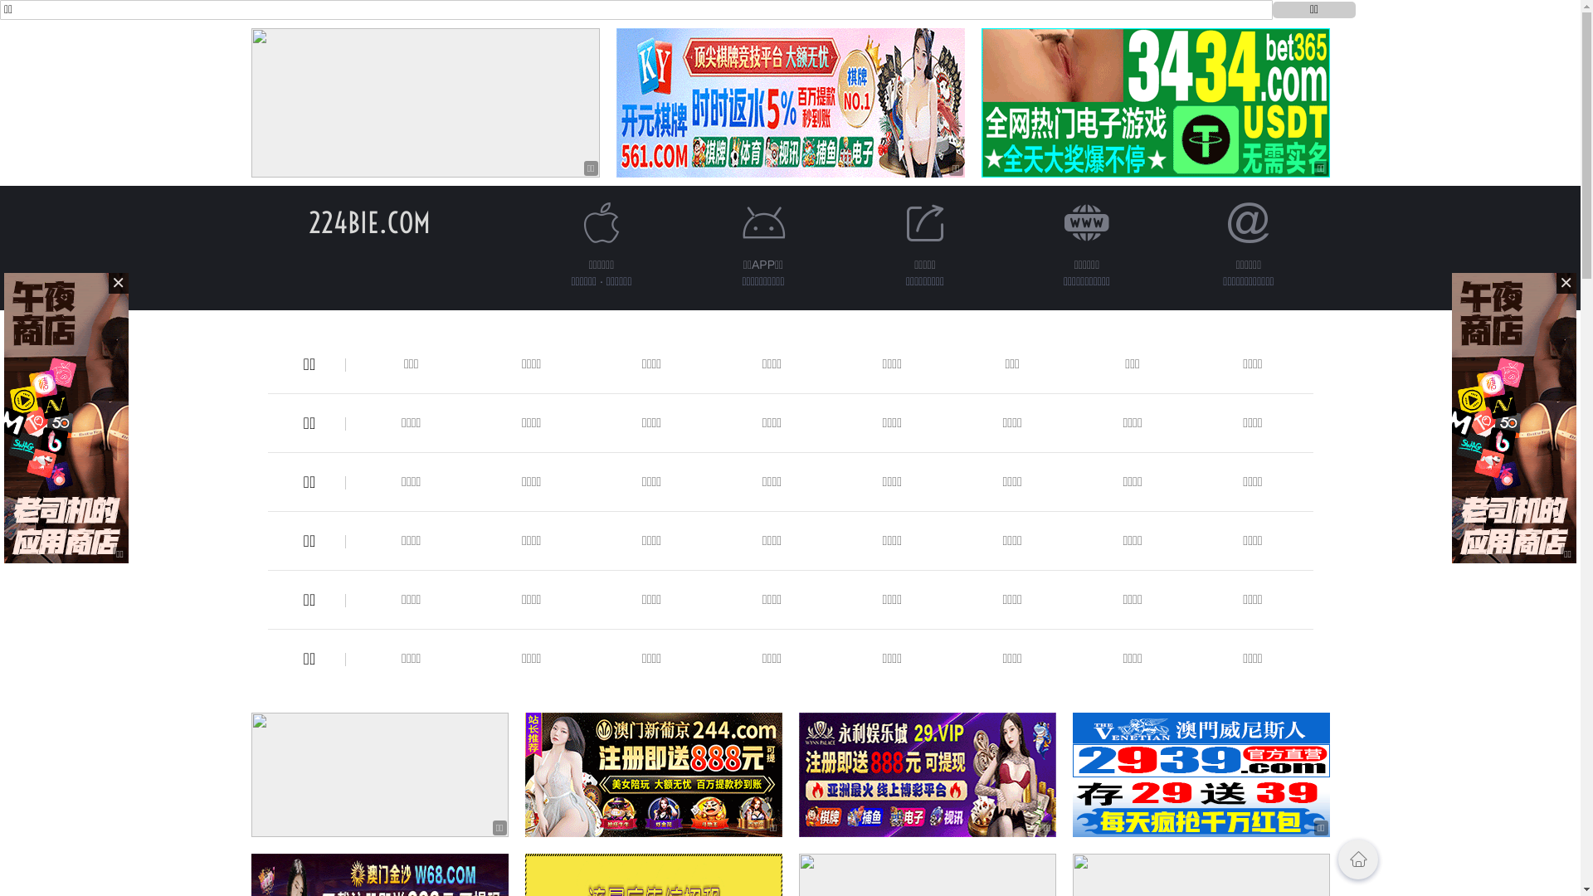 The width and height of the screenshot is (1593, 896). Describe the element at coordinates (309, 222) in the screenshot. I see `'224BIE.COM'` at that location.